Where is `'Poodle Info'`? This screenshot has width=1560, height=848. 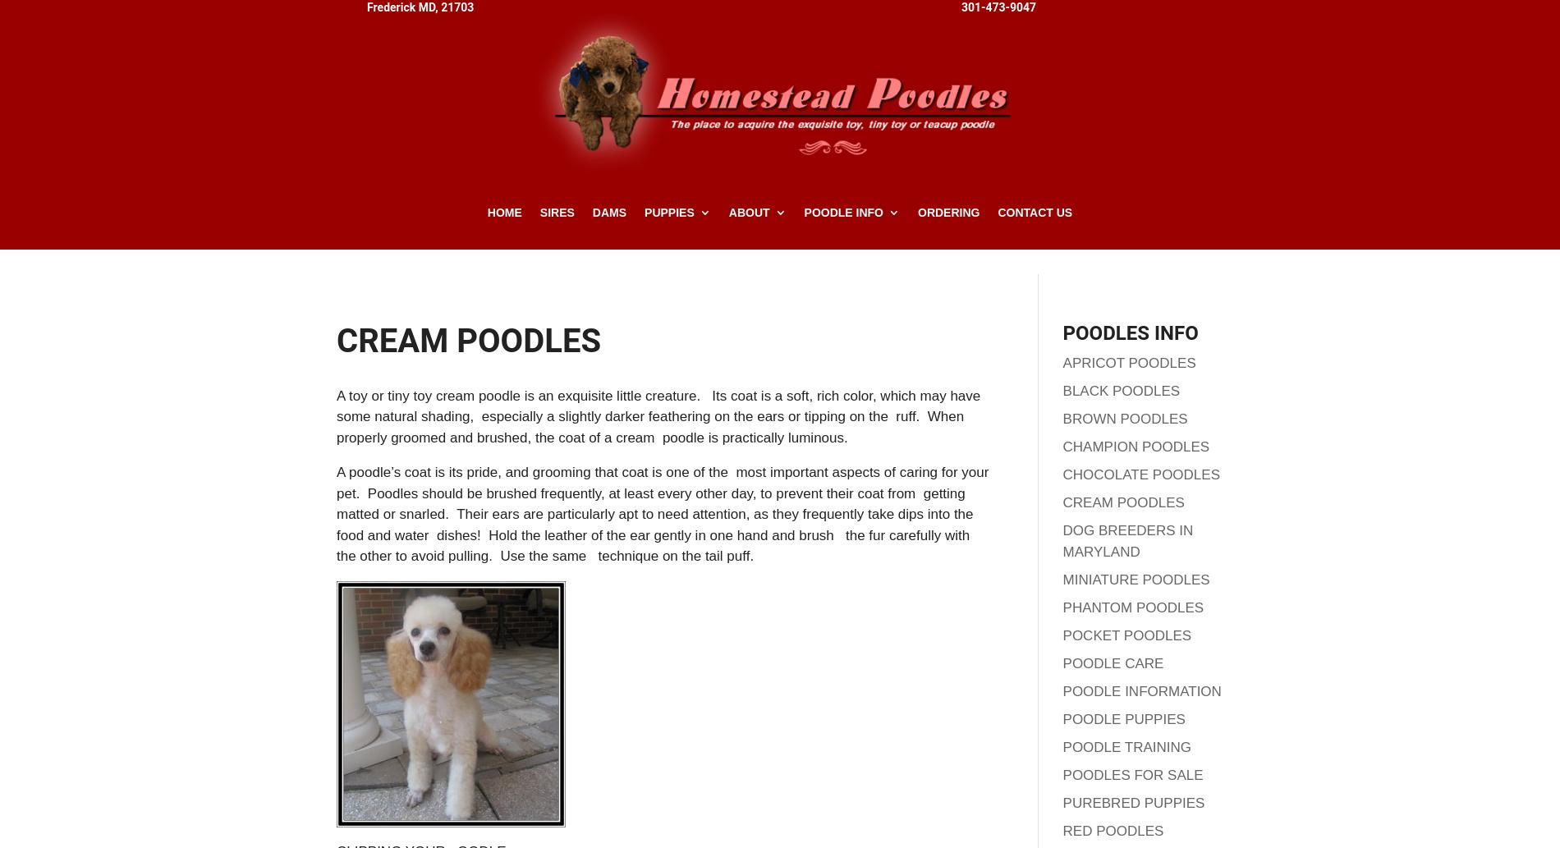
'Poodle Info' is located at coordinates (804, 211).